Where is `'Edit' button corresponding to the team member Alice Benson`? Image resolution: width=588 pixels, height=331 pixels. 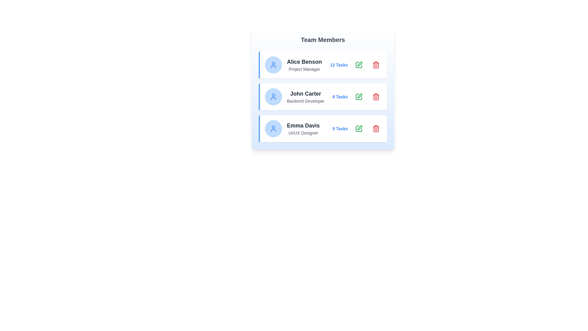 'Edit' button corresponding to the team member Alice Benson is located at coordinates (359, 65).